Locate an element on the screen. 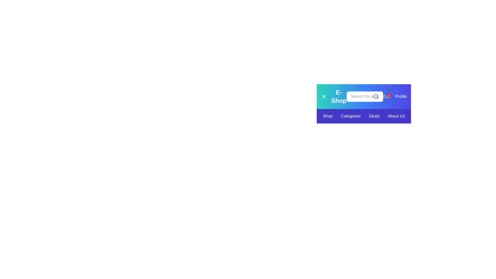 This screenshot has width=496, height=279. the hyperlink labeled 'Deals' in the navigation menu, which is the third option between 'Categories' and 'About Us' is located at coordinates (374, 116).